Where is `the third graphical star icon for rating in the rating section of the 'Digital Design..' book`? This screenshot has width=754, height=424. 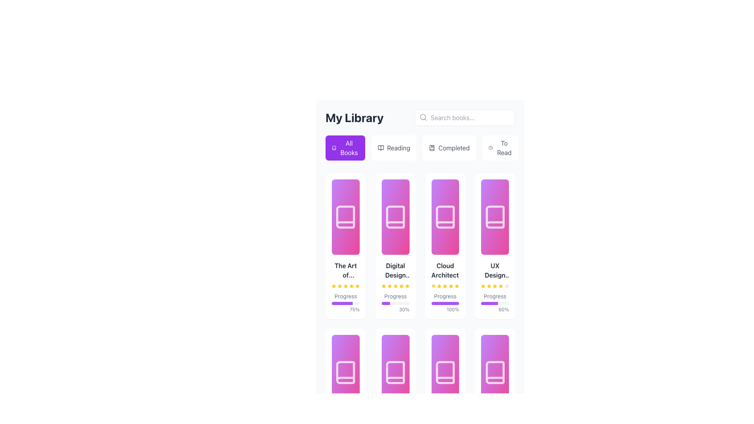 the third graphical star icon for rating in the rating section of the 'Digital Design..' book is located at coordinates (395, 286).